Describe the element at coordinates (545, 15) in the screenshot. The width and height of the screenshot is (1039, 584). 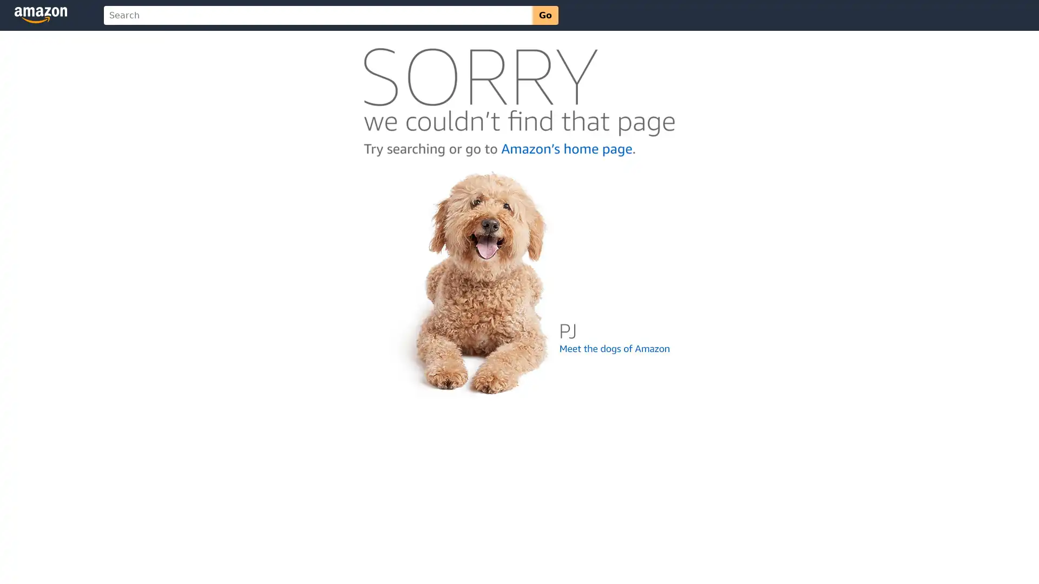
I see `Go` at that location.